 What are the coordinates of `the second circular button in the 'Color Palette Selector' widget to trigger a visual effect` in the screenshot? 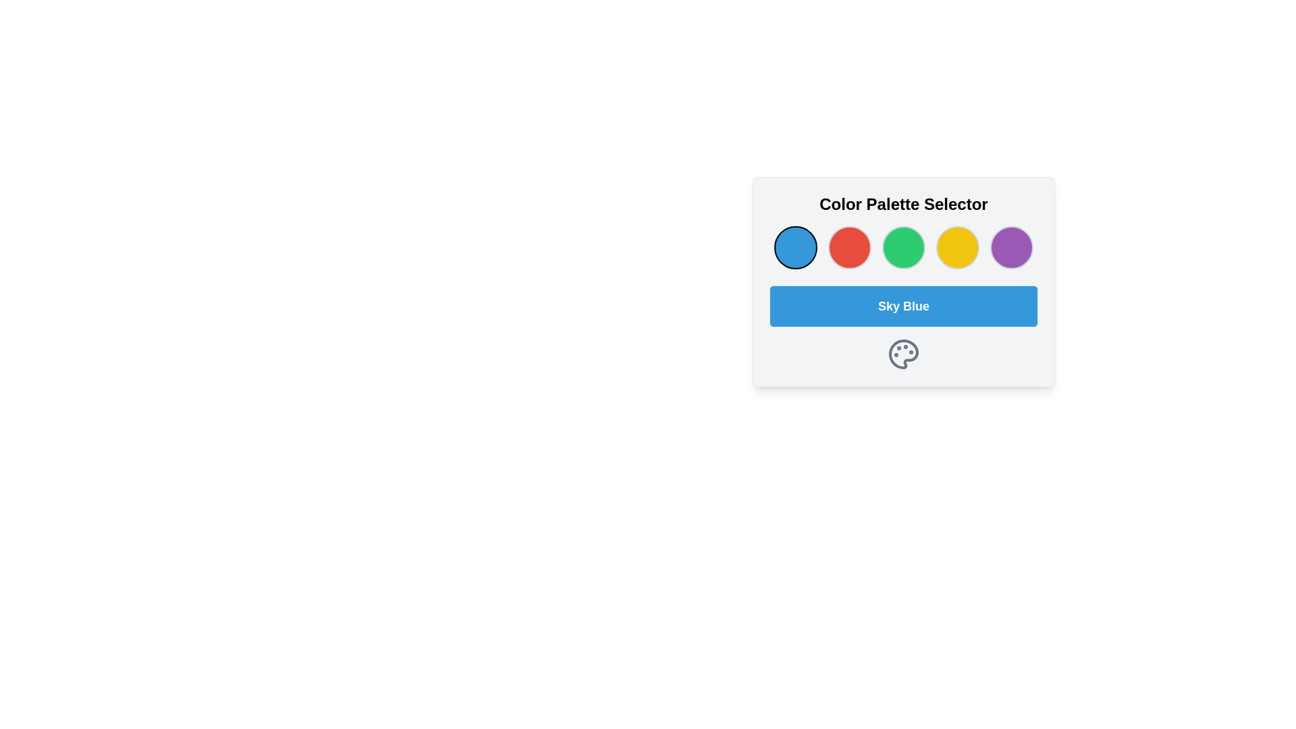 It's located at (848, 247).